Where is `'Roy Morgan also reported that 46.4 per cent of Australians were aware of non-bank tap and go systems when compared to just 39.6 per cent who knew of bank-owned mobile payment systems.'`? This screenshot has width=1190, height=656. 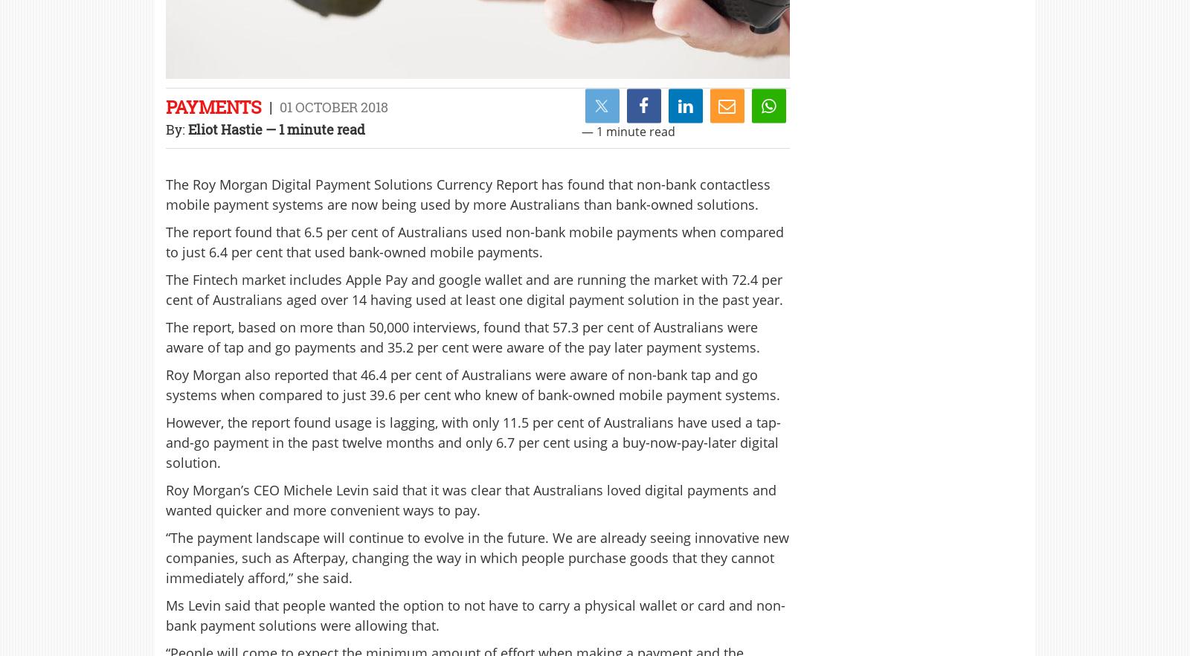
'Roy Morgan also reported that 46.4 per cent of Australians were aware of non-bank tap and go systems when compared to just 39.6 per cent who knew of bank-owned mobile payment systems.' is located at coordinates (166, 385).